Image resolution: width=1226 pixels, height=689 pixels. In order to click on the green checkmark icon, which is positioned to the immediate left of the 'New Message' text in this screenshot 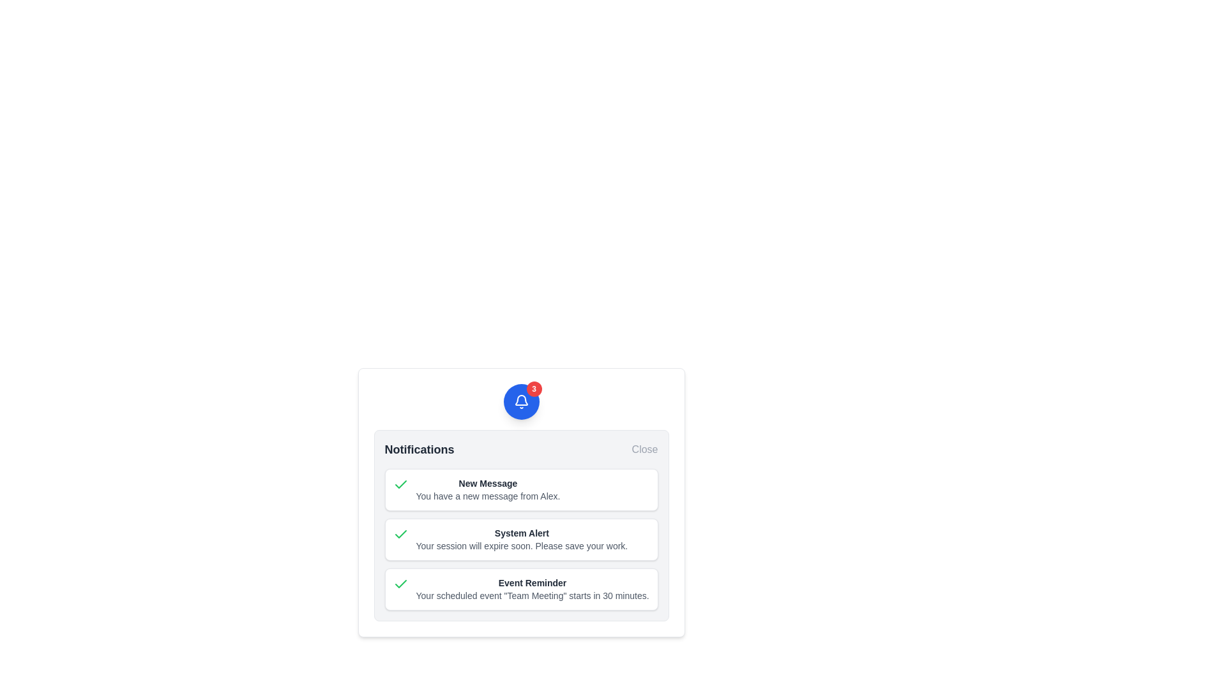, I will do `click(400, 484)`.